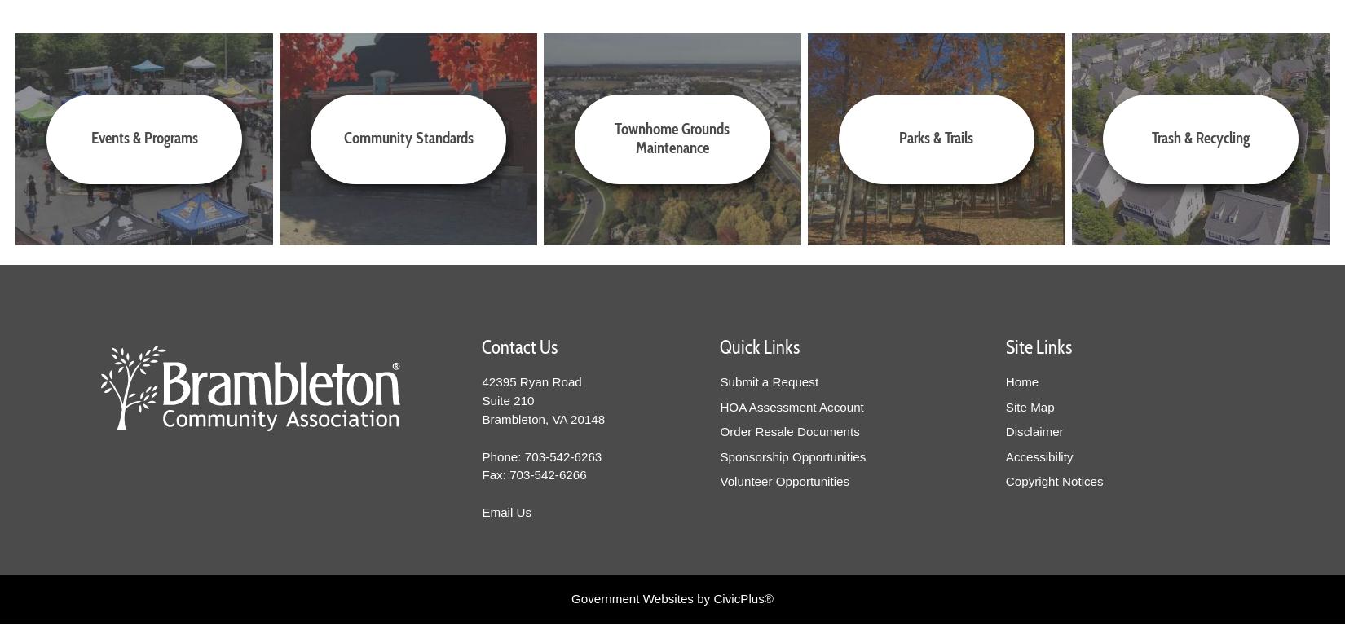 The width and height of the screenshot is (1345, 626). What do you see at coordinates (720, 381) in the screenshot?
I see `'Submit a Request'` at bounding box center [720, 381].